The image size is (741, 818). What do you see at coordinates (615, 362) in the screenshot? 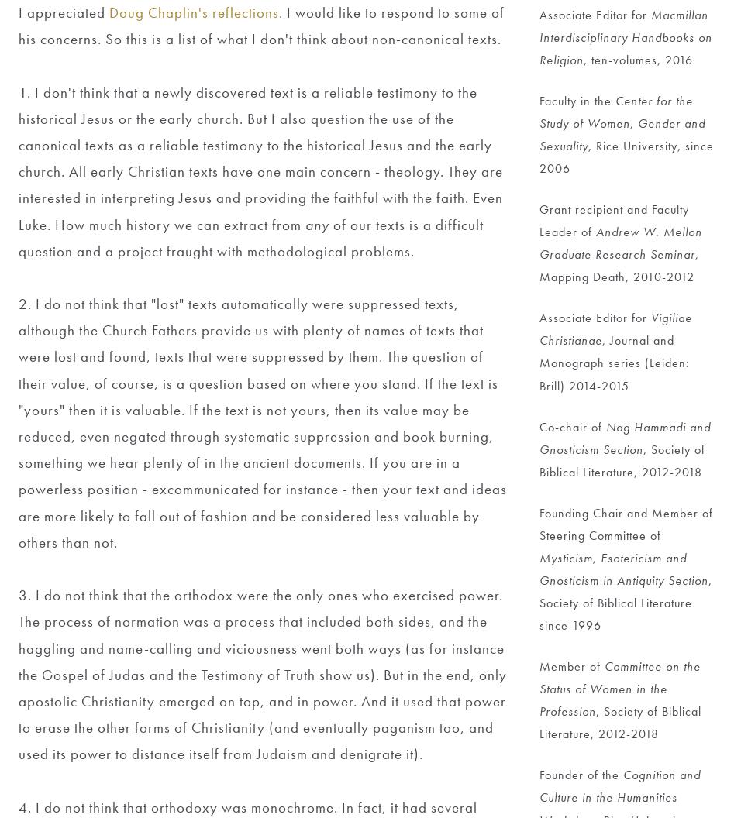
I see `', Journal and Monograph series (Leiden: Brill) 2014-2015'` at bounding box center [615, 362].